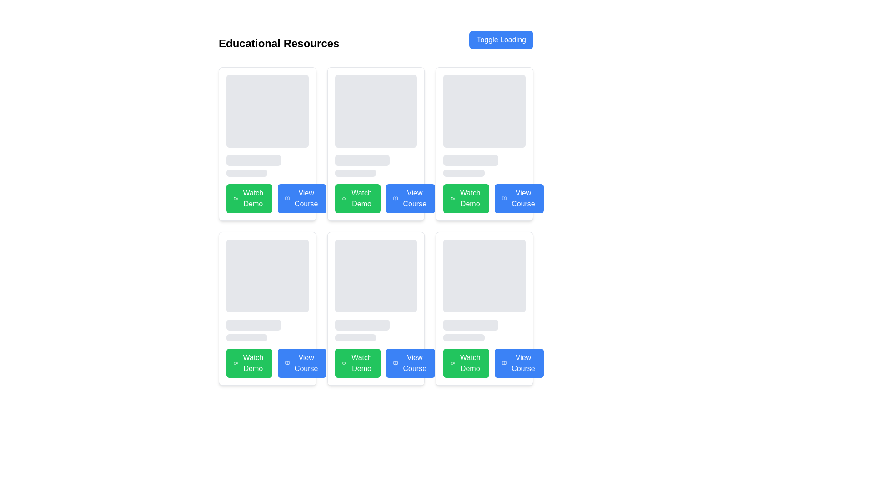  I want to click on the rectangular blue button labeled 'View Course' with rounded corners and a book icon on its left, so click(301, 362).